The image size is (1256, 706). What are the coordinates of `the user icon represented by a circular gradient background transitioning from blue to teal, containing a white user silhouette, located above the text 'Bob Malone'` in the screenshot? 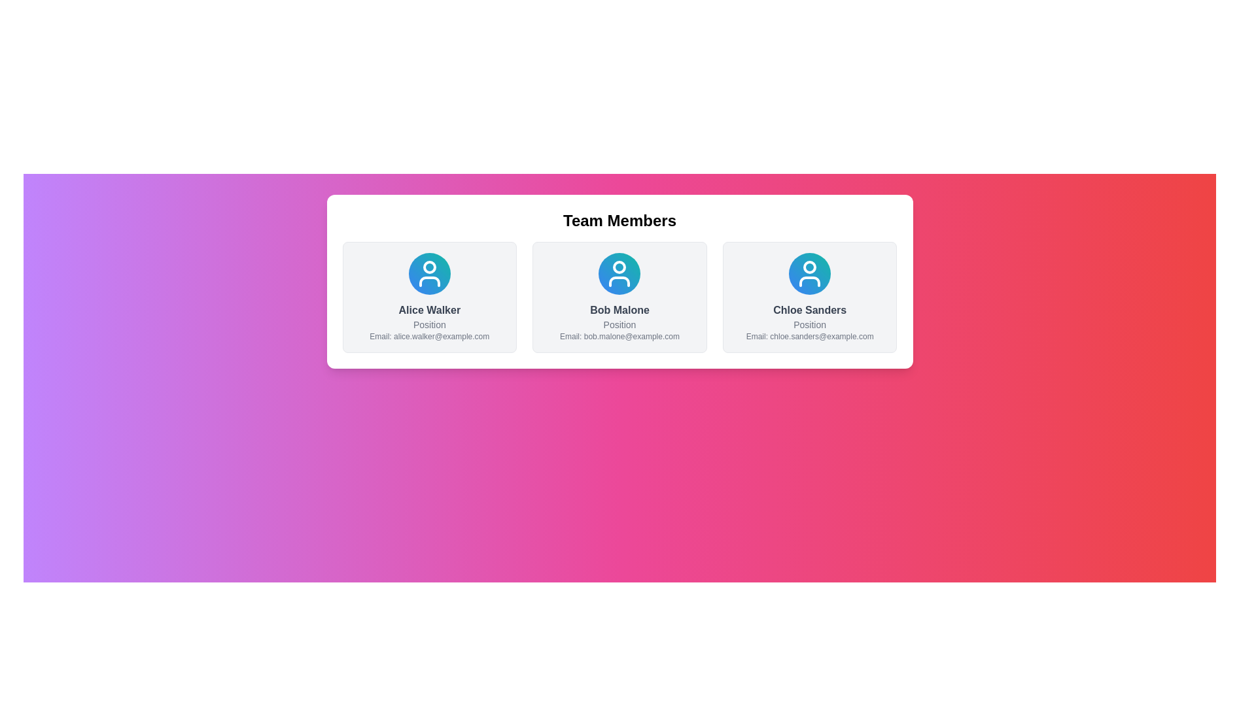 It's located at (619, 273).